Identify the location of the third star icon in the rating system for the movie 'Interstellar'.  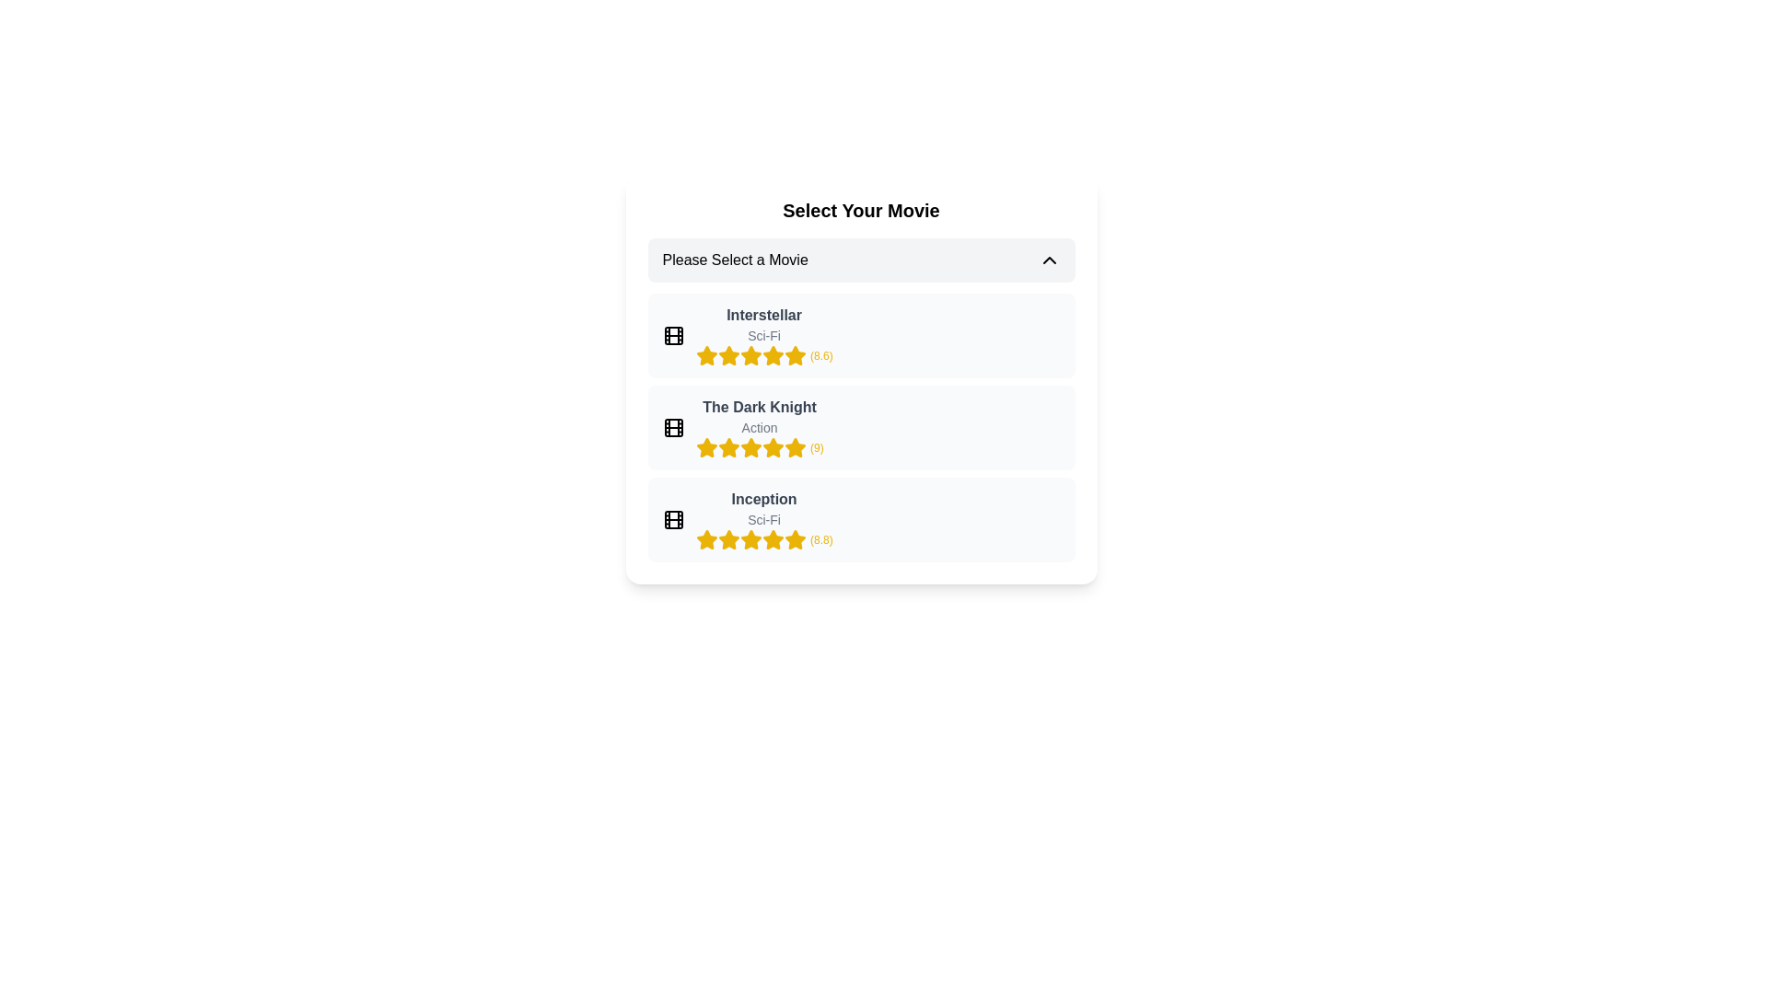
(795, 355).